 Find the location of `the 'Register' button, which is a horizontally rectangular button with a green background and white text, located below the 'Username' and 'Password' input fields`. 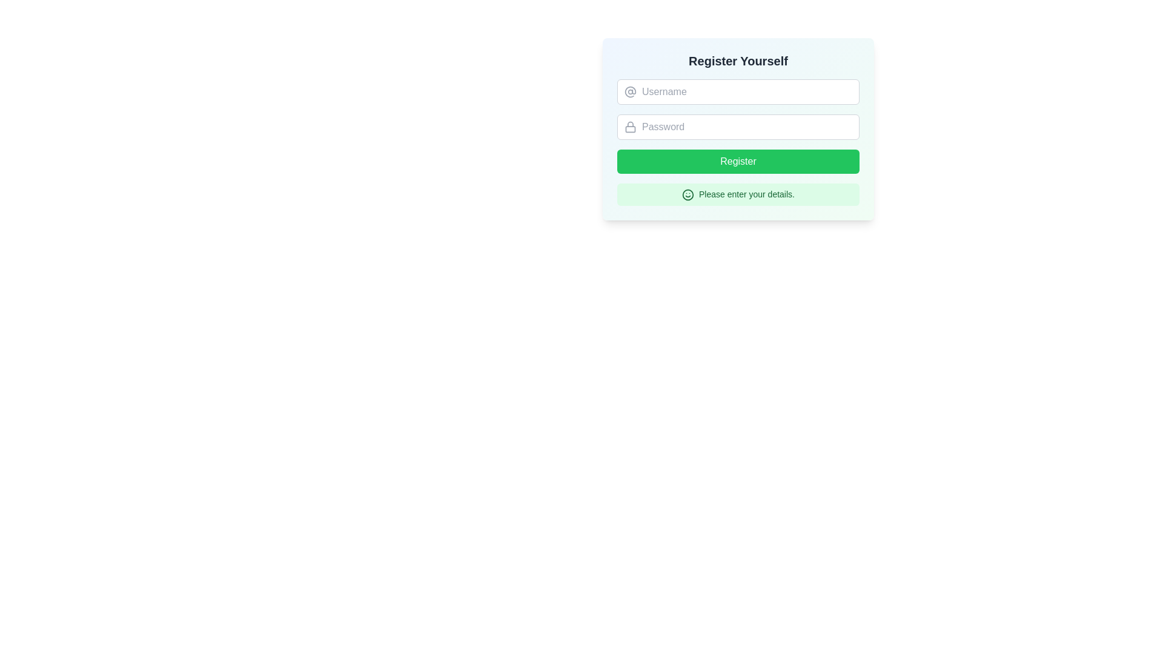

the 'Register' button, which is a horizontally rectangular button with a green background and white text, located below the 'Username' and 'Password' input fields is located at coordinates (738, 160).